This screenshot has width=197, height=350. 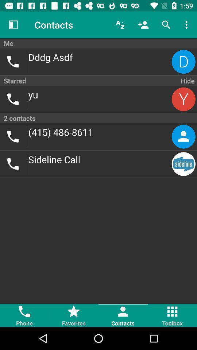 I want to click on item next to the contacts icon, so click(x=13, y=25).